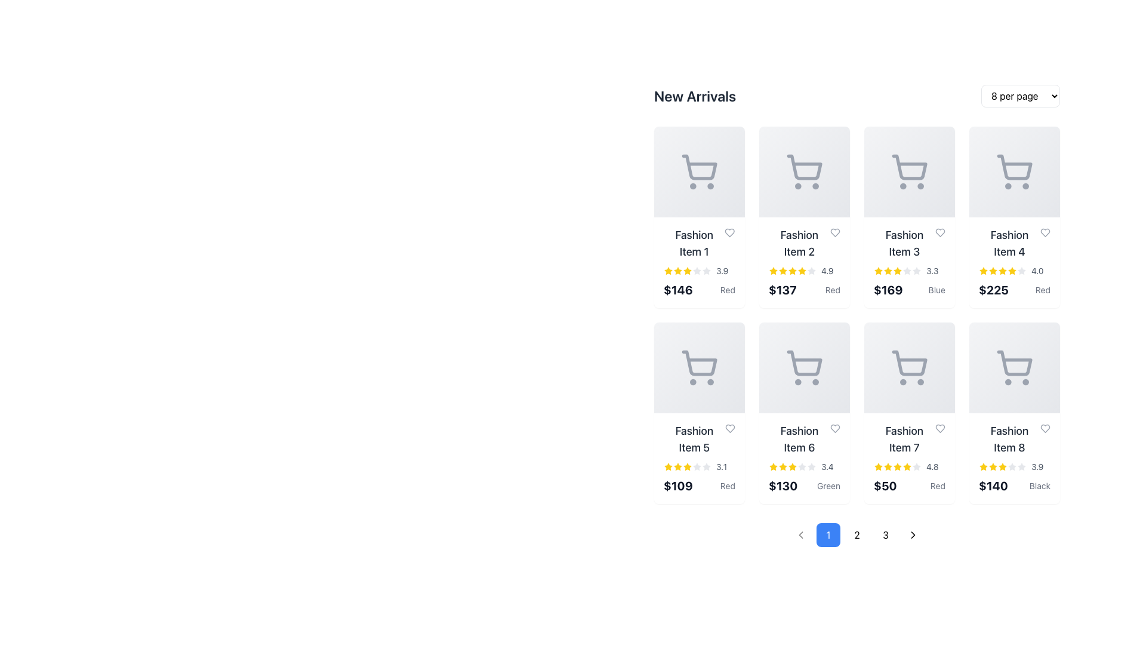 This screenshot has width=1146, height=645. What do you see at coordinates (828, 486) in the screenshot?
I see `the text label that describes the color attribute of the fashion item, located in the bottom section of the sixth card in the second row, positioned to the right of the '$130' text` at bounding box center [828, 486].